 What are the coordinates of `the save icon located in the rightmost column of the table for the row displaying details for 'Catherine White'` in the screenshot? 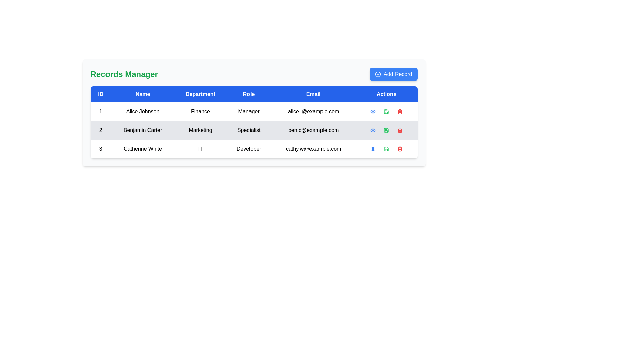 It's located at (386, 149).